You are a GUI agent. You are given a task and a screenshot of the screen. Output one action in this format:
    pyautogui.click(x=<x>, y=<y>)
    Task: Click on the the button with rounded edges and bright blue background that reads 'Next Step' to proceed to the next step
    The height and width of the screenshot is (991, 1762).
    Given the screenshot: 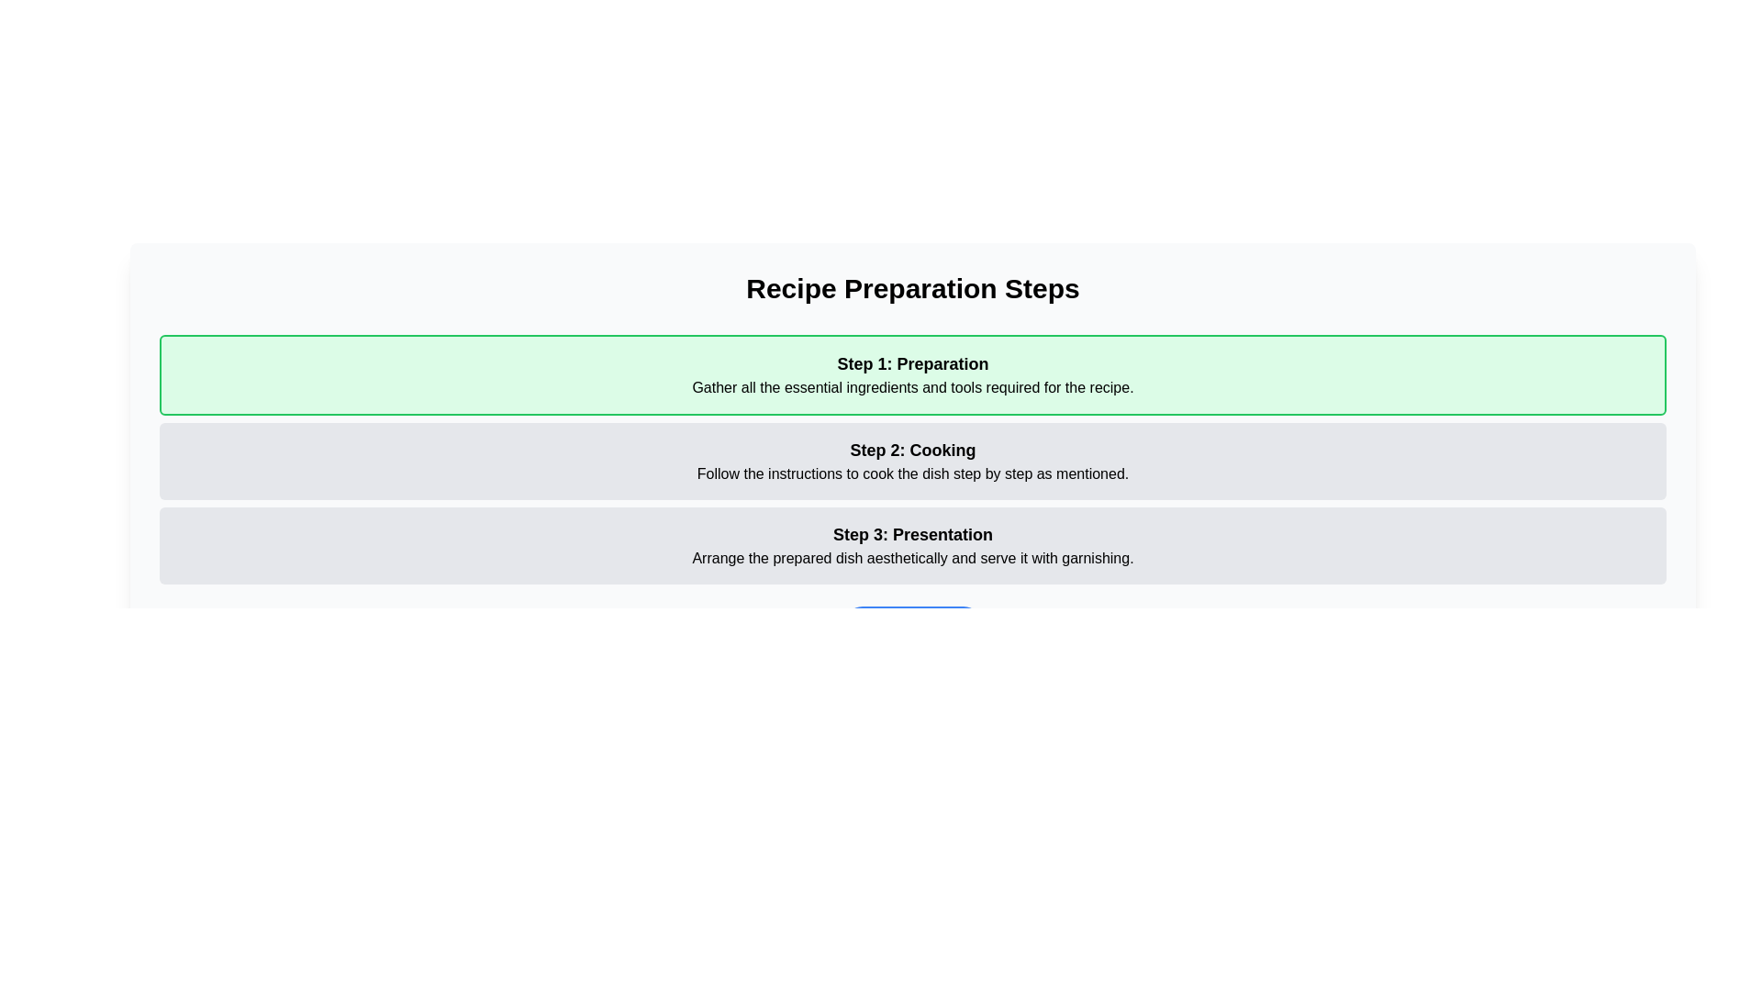 What is the action you would take?
    pyautogui.click(x=912, y=624)
    